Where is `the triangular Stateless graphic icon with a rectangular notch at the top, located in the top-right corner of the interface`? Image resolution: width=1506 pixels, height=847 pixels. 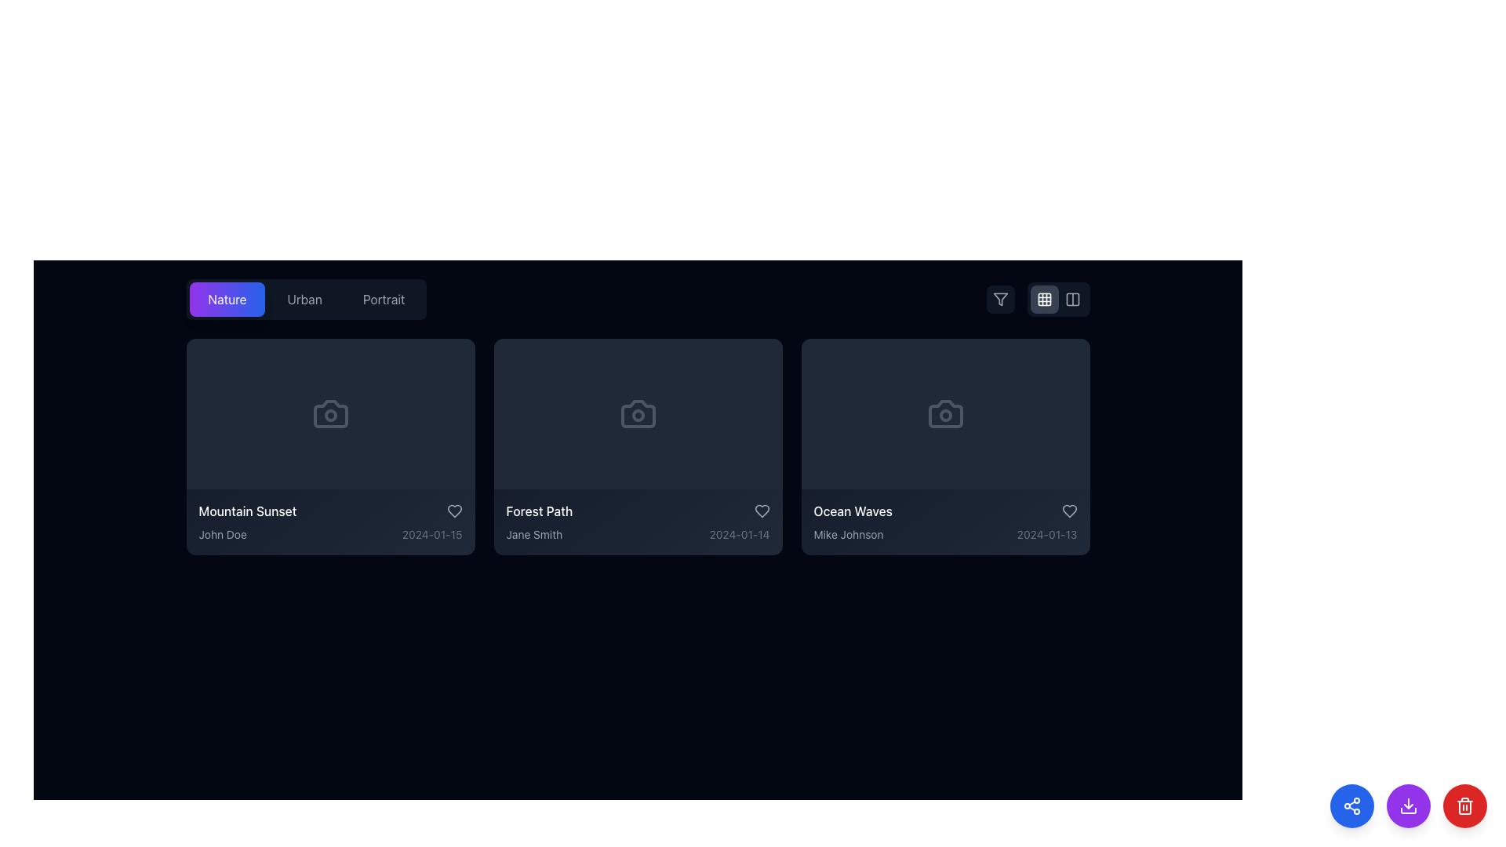 the triangular Stateless graphic icon with a rectangular notch at the top, located in the top-right corner of the interface is located at coordinates (999, 299).